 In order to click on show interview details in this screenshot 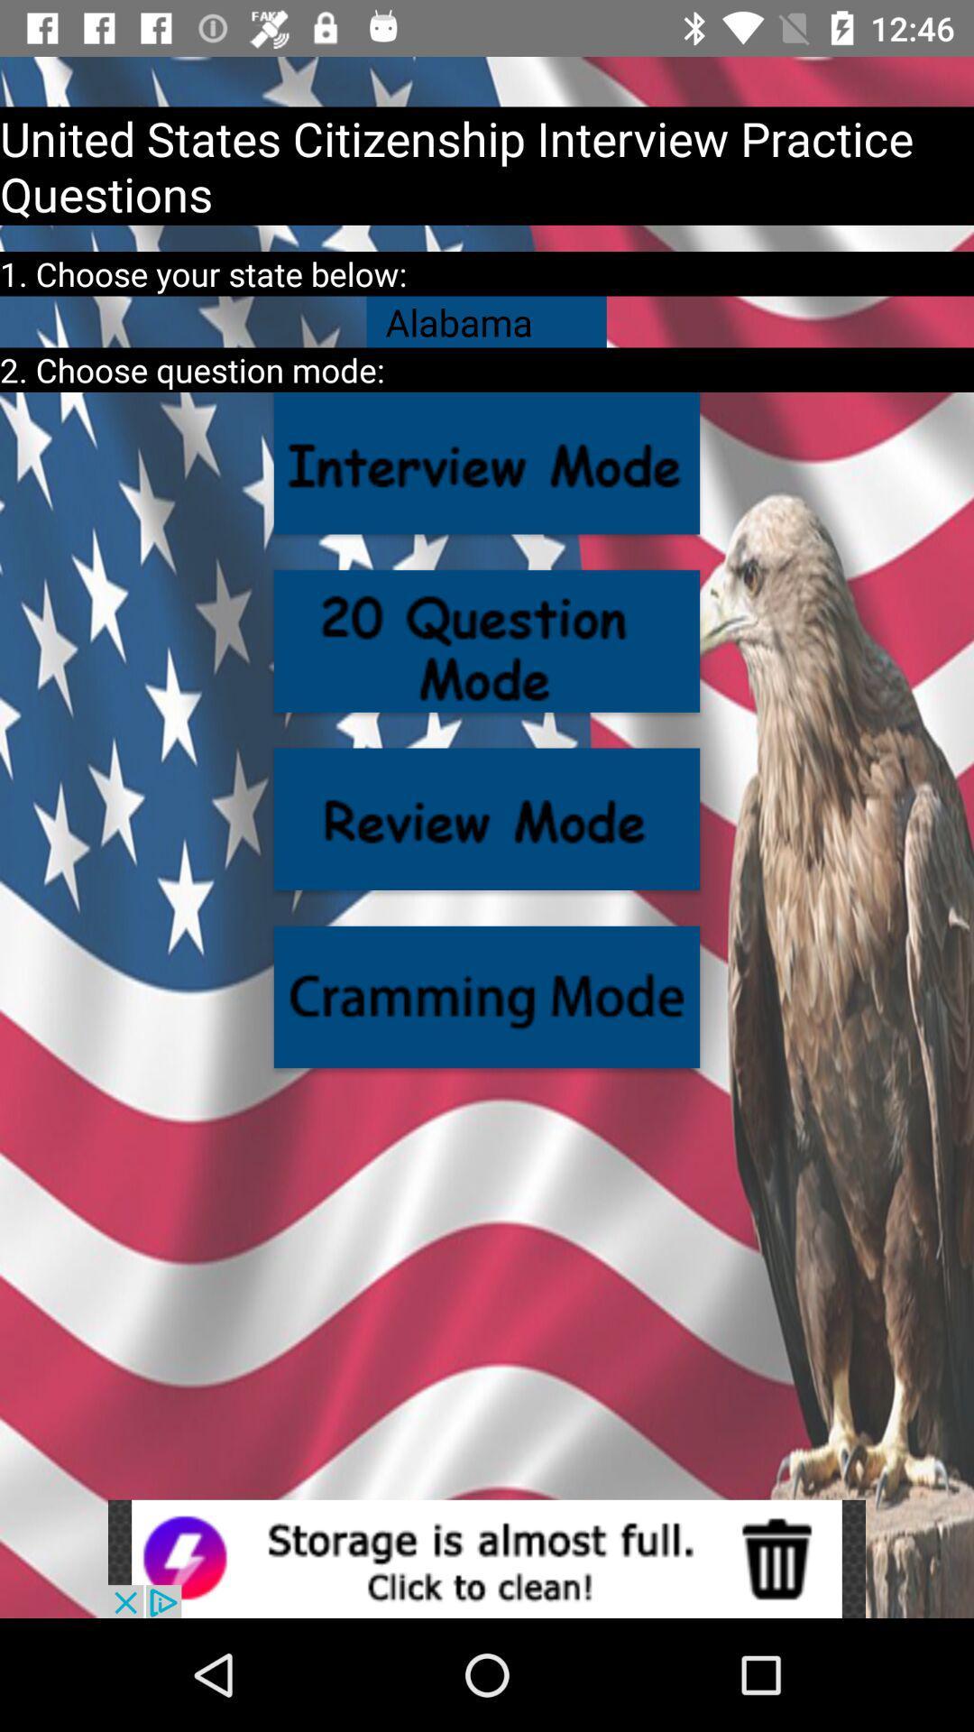, I will do `click(487, 463)`.